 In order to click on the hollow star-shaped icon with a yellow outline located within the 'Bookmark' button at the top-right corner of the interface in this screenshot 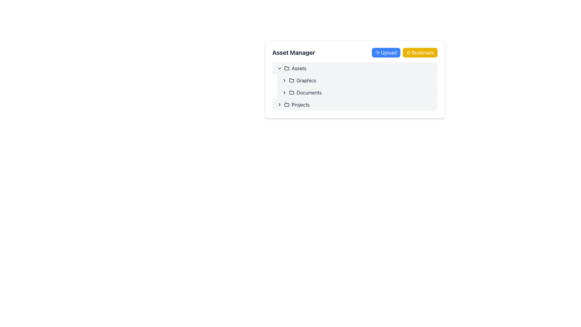, I will do `click(408, 52)`.